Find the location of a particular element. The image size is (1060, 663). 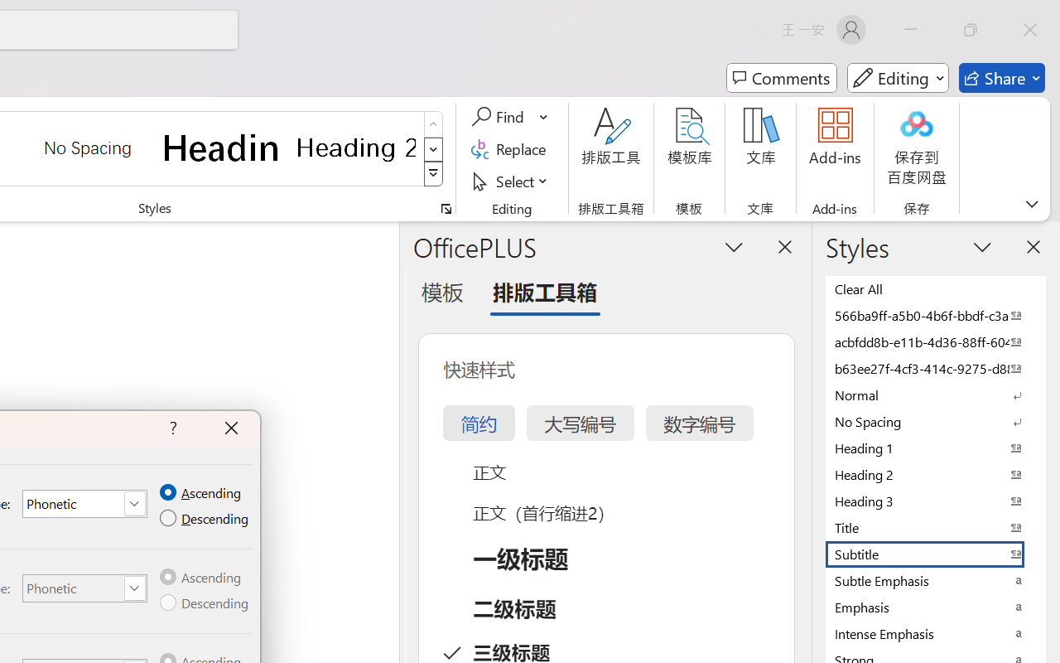

'566ba9ff-a5b0-4b6f-bbdf-c3ab41993fc2' is located at coordinates (936, 314).